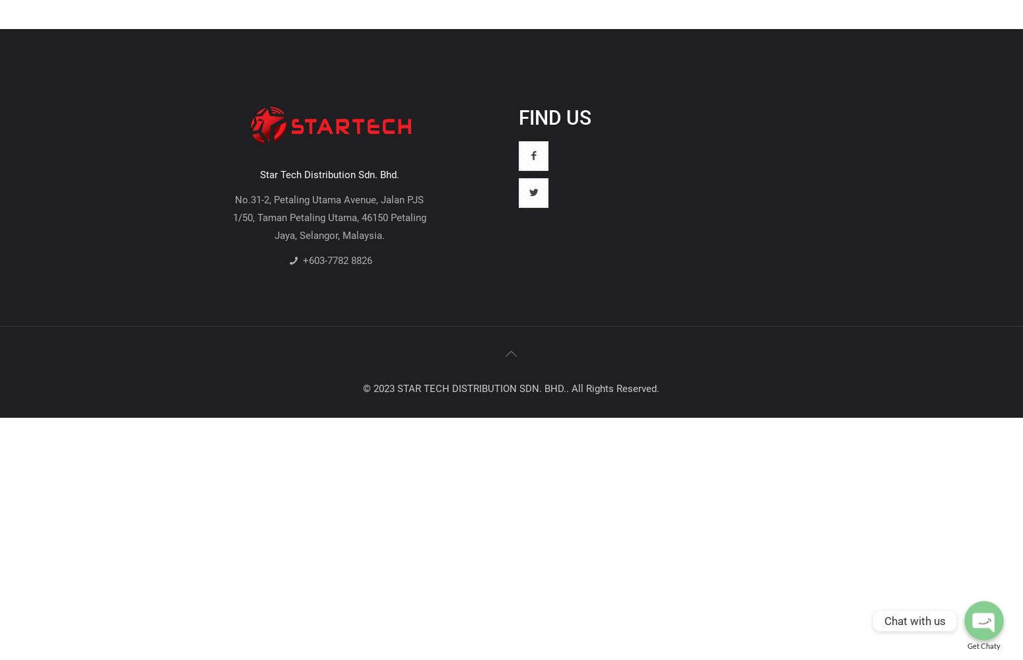 The height and width of the screenshot is (660, 1023). Describe the element at coordinates (983, 645) in the screenshot. I see `'Get Chaty'` at that location.